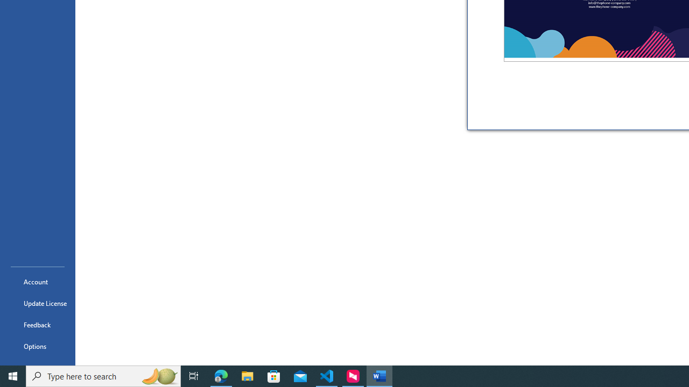  I want to click on 'Task View', so click(193, 375).